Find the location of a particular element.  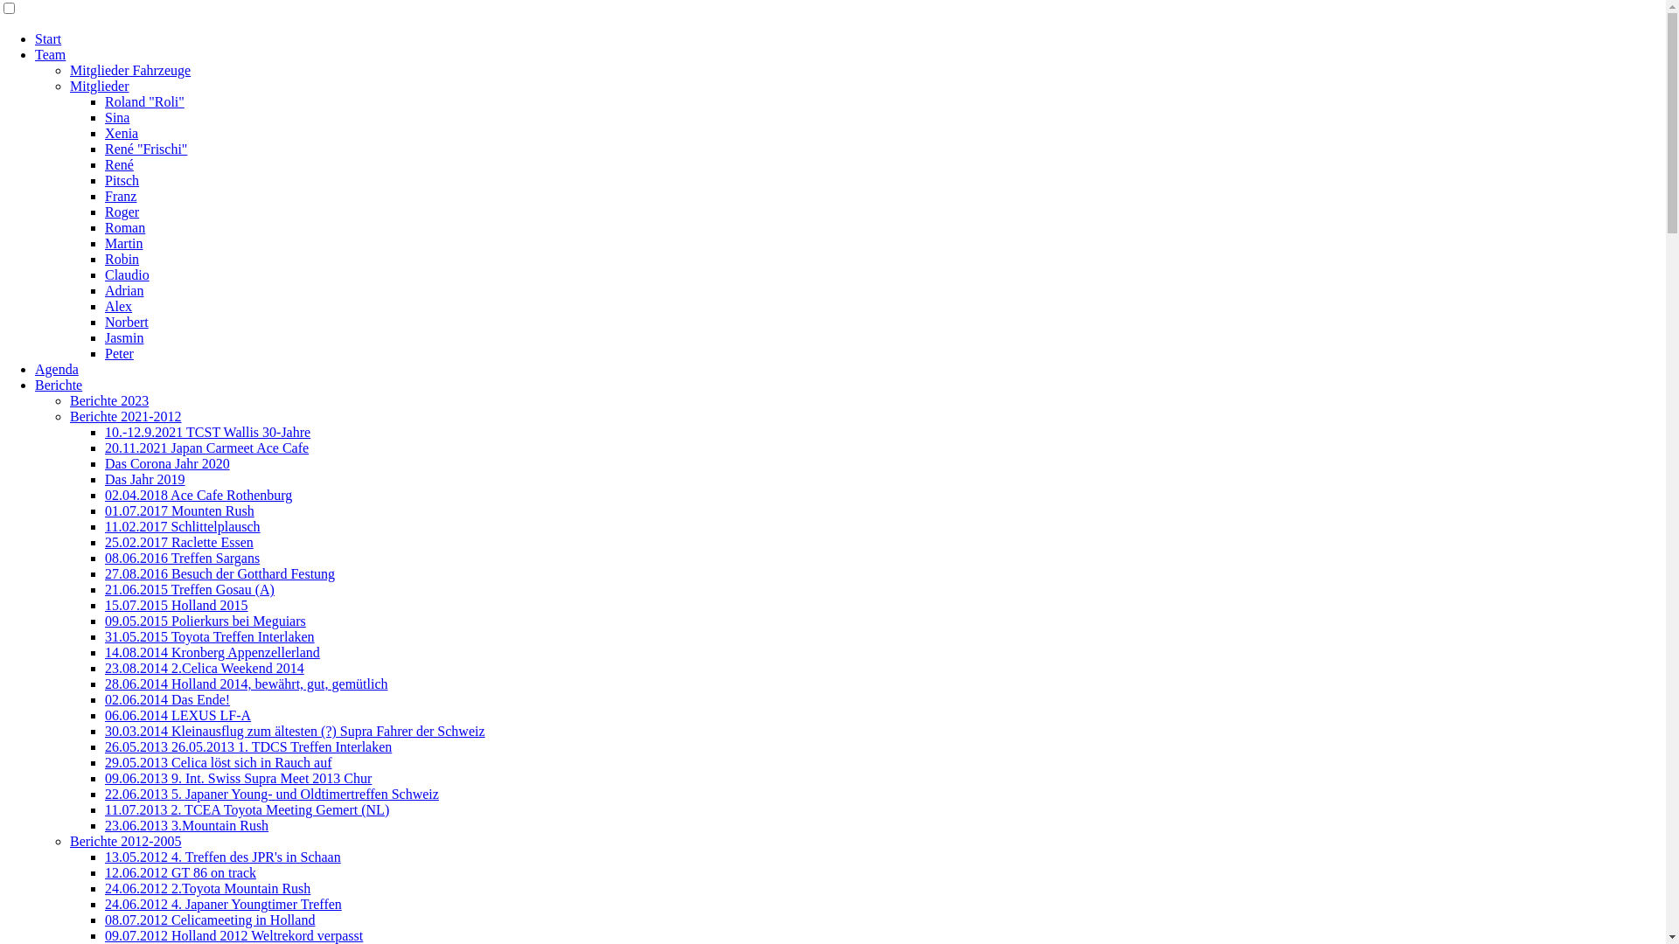

'Start' is located at coordinates (47, 38).